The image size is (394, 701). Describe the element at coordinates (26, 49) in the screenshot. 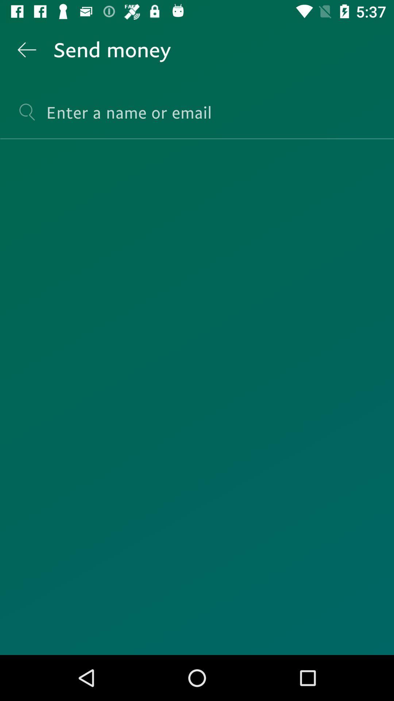

I see `item next to the send money item` at that location.